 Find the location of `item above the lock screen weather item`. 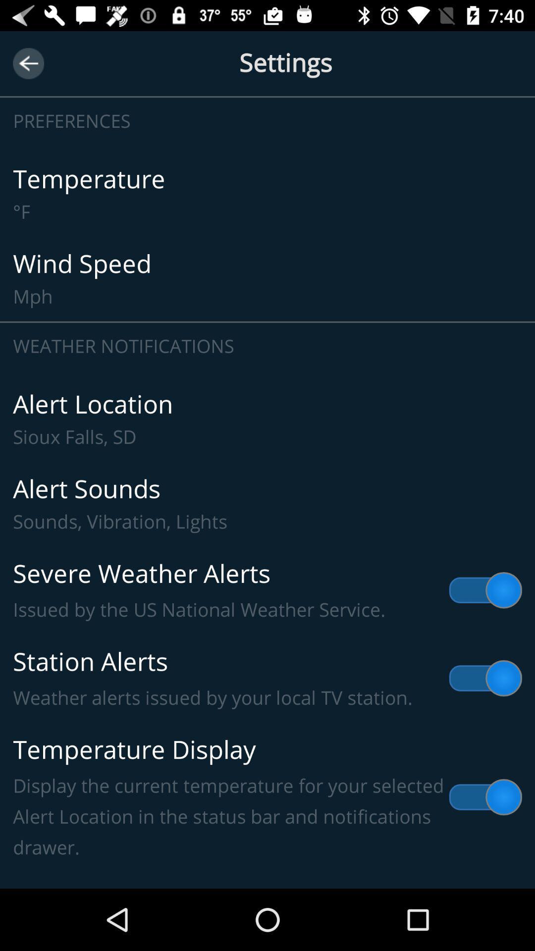

item above the lock screen weather item is located at coordinates (267, 797).